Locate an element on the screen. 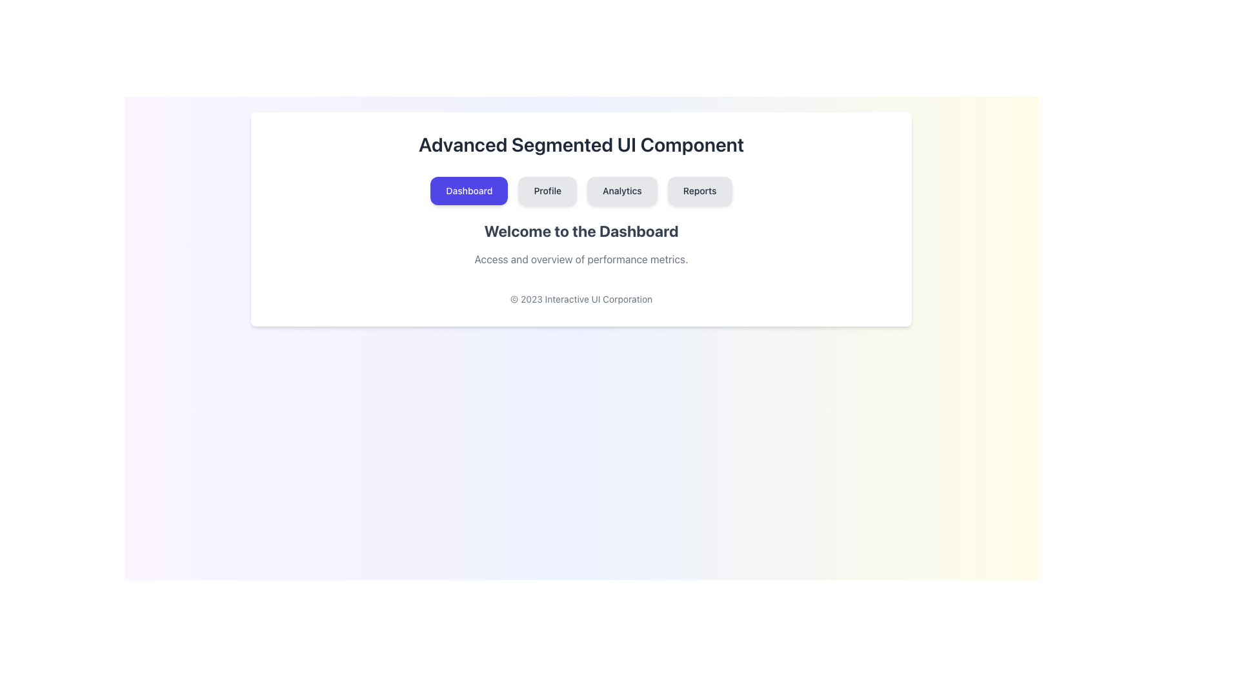 Image resolution: width=1239 pixels, height=697 pixels. the 'Profile' button located is located at coordinates (547, 191).